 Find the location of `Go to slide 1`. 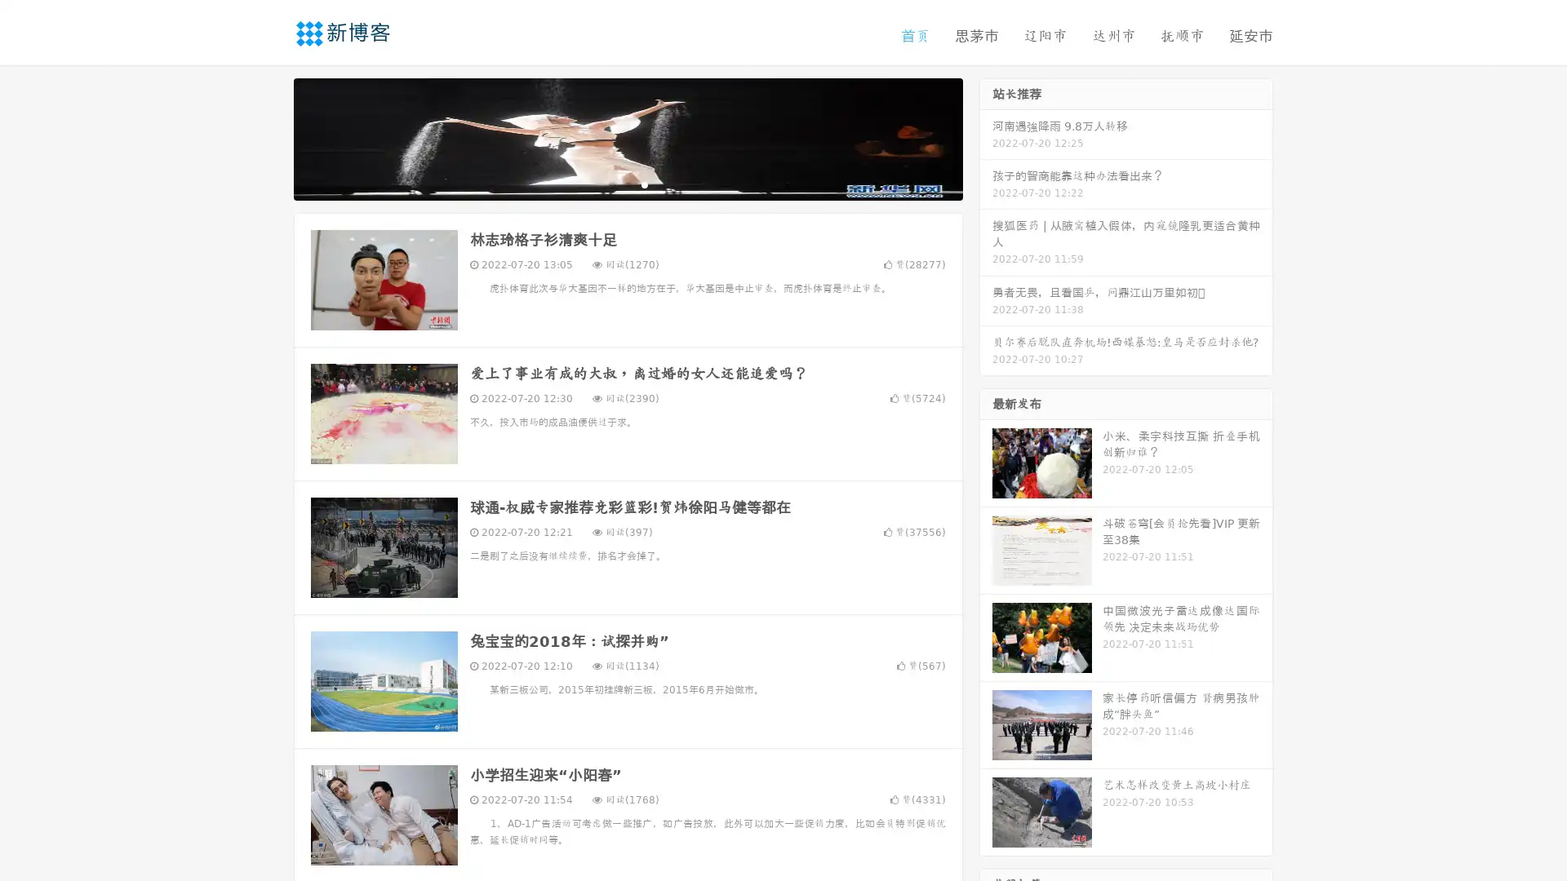

Go to slide 1 is located at coordinates (610, 184).